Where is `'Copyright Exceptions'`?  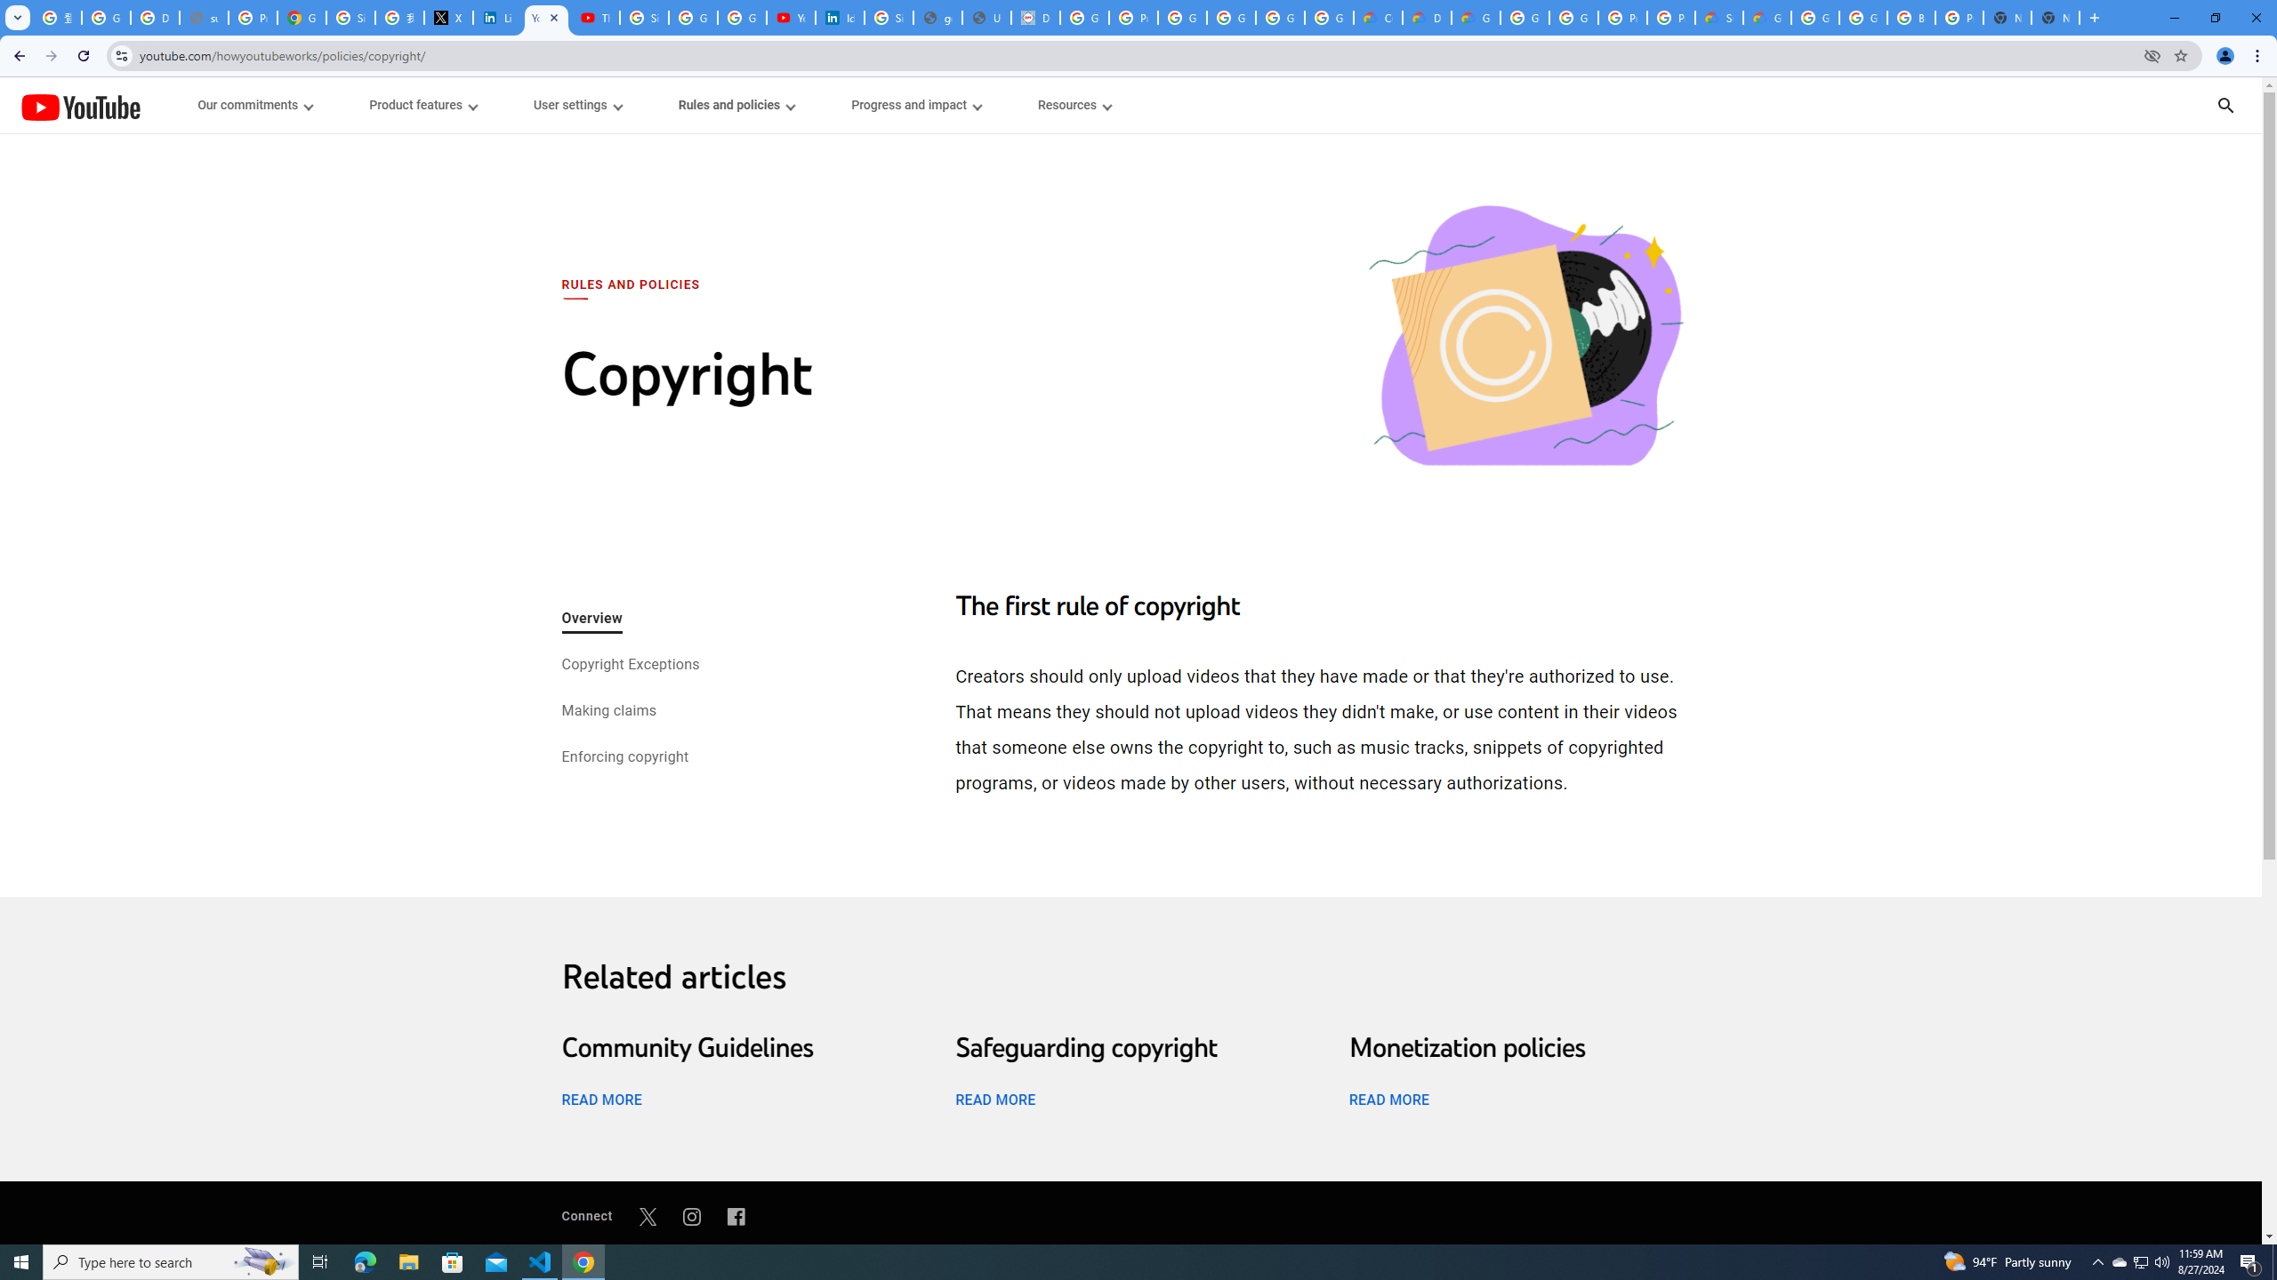 'Copyright Exceptions' is located at coordinates (628, 665).